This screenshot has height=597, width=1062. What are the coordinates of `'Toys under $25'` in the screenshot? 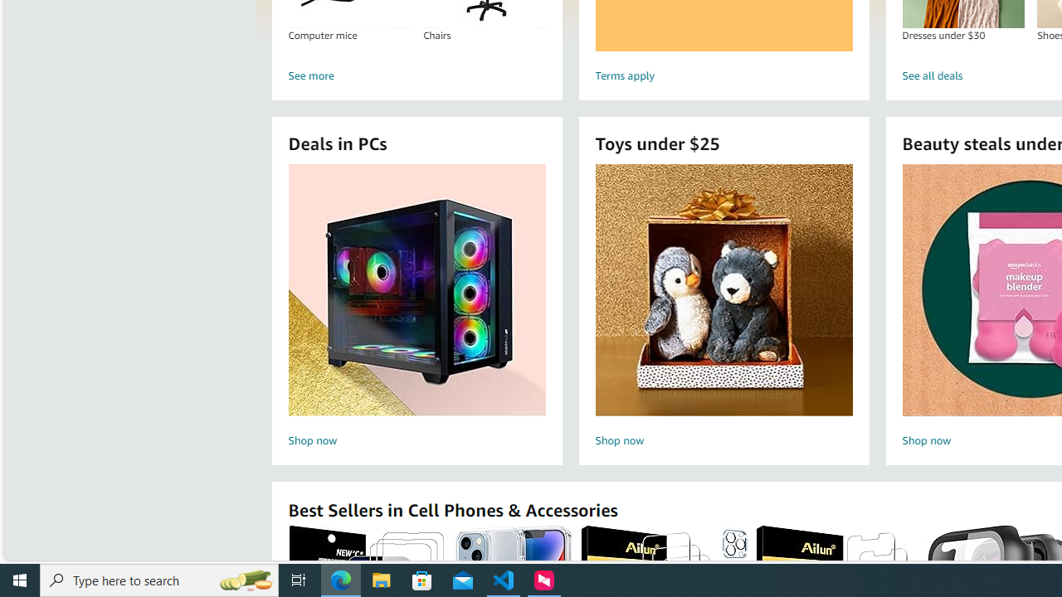 It's located at (723, 289).